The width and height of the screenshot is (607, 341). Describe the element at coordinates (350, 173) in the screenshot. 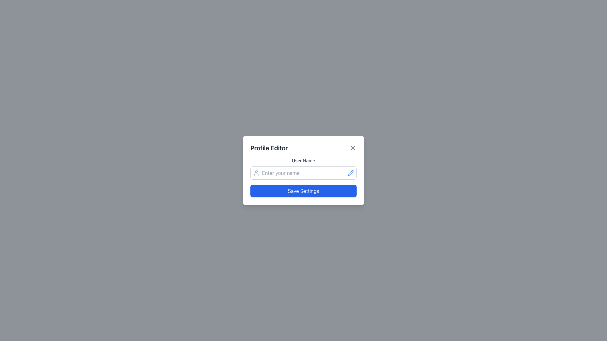

I see `the blue pencil icon located to the right of the 'Enter your name' text input field in the Profile Editor dialog box` at that location.